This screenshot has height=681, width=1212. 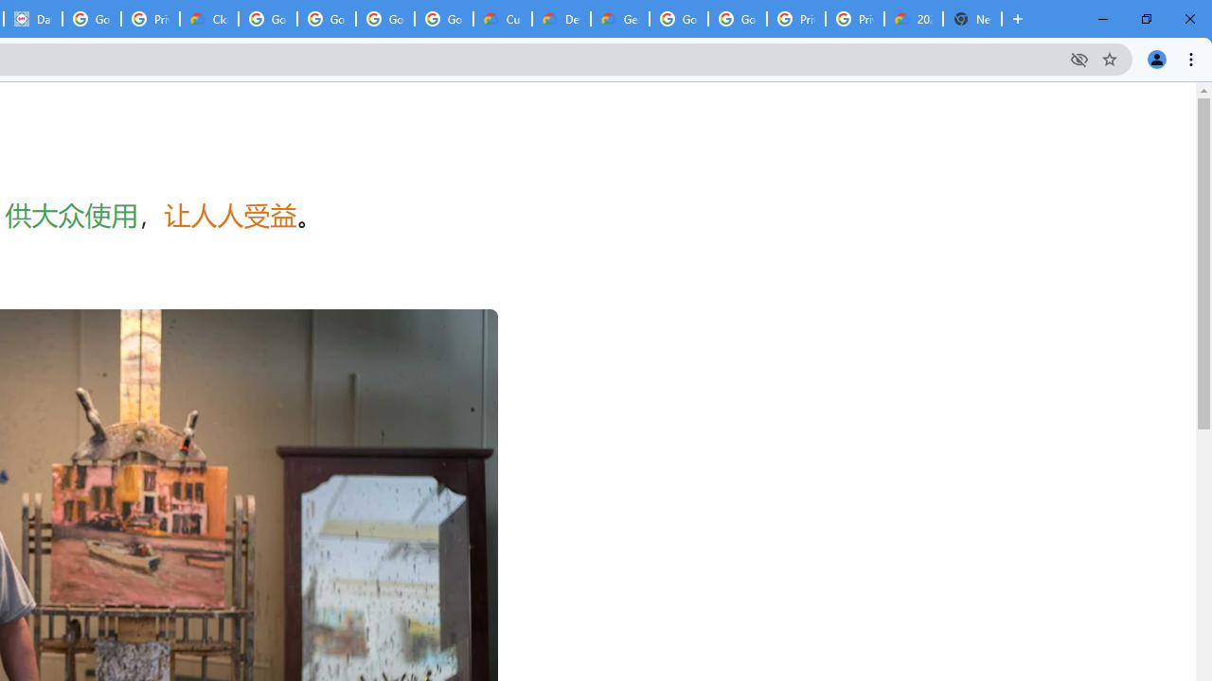 I want to click on 'Cloud Data Processing Addendum | Google Cloud', so click(x=208, y=19).